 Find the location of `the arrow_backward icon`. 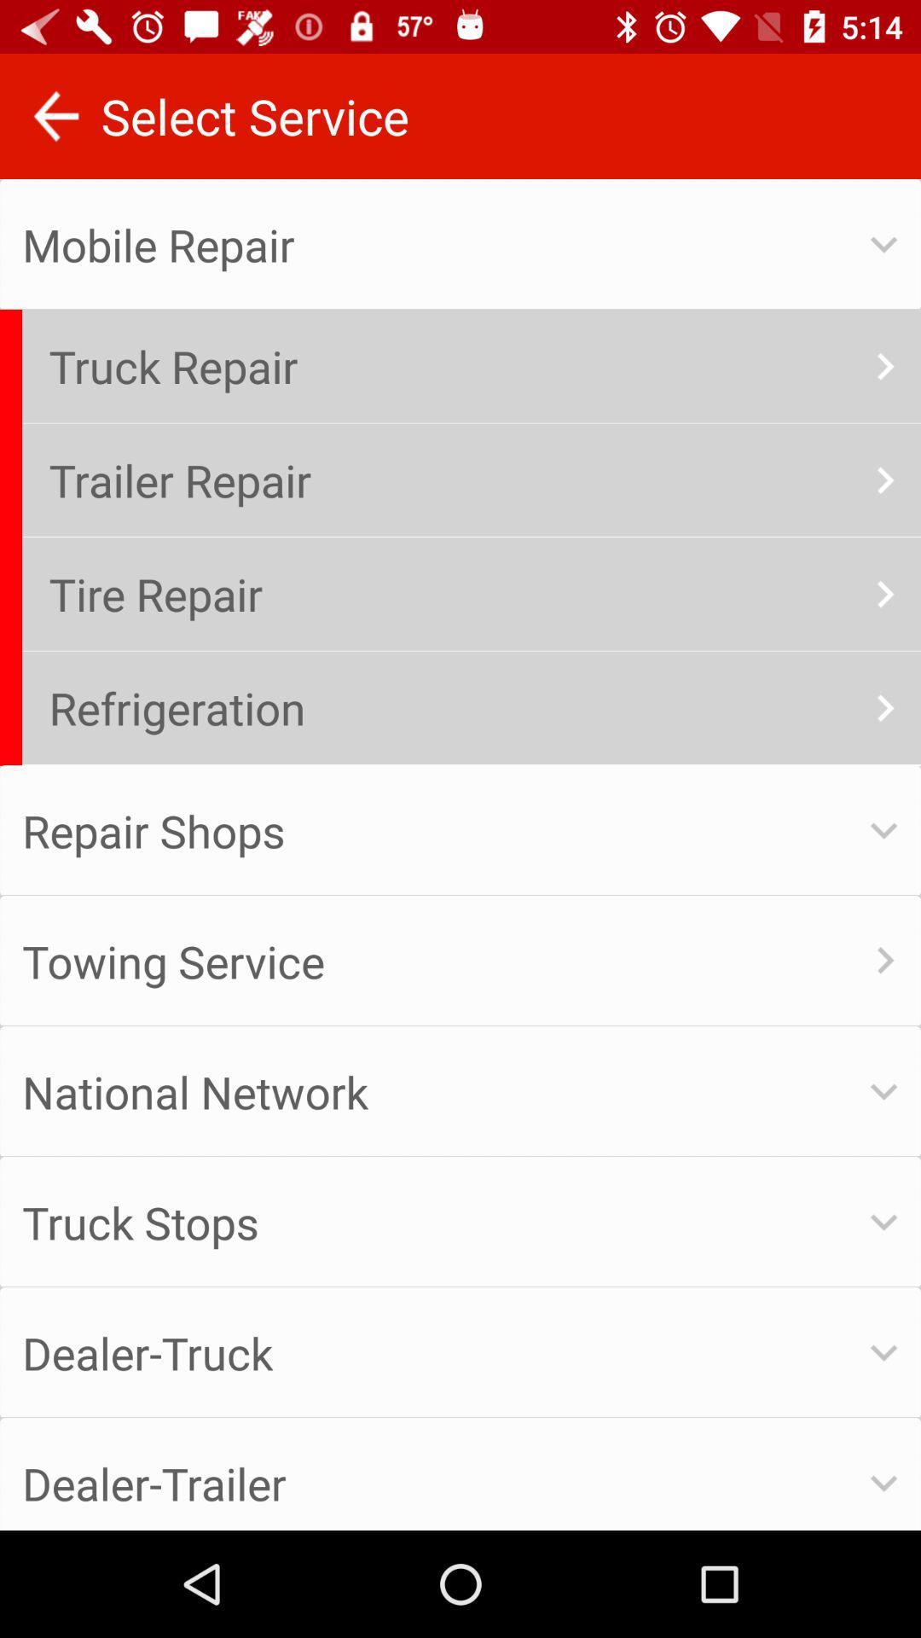

the arrow_backward icon is located at coordinates (55, 115).